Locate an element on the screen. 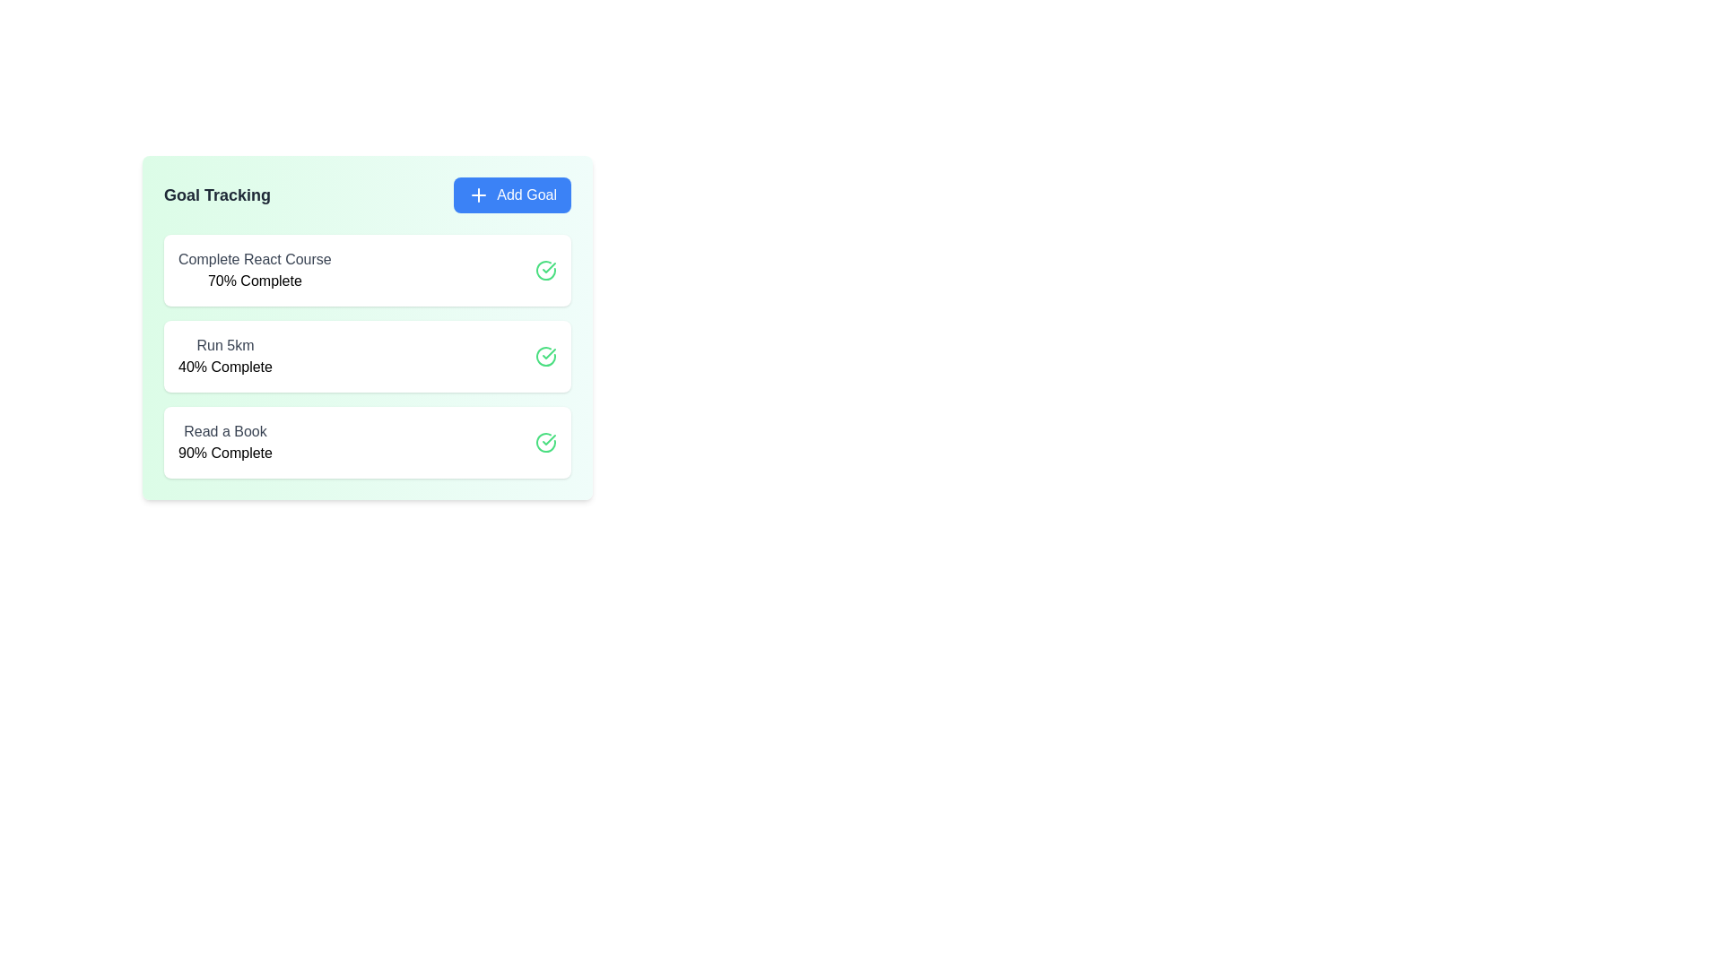  the text display element that shows '40% Complete', which is located below the 'Run 5km' progress description in the task card interface is located at coordinates (224, 366).